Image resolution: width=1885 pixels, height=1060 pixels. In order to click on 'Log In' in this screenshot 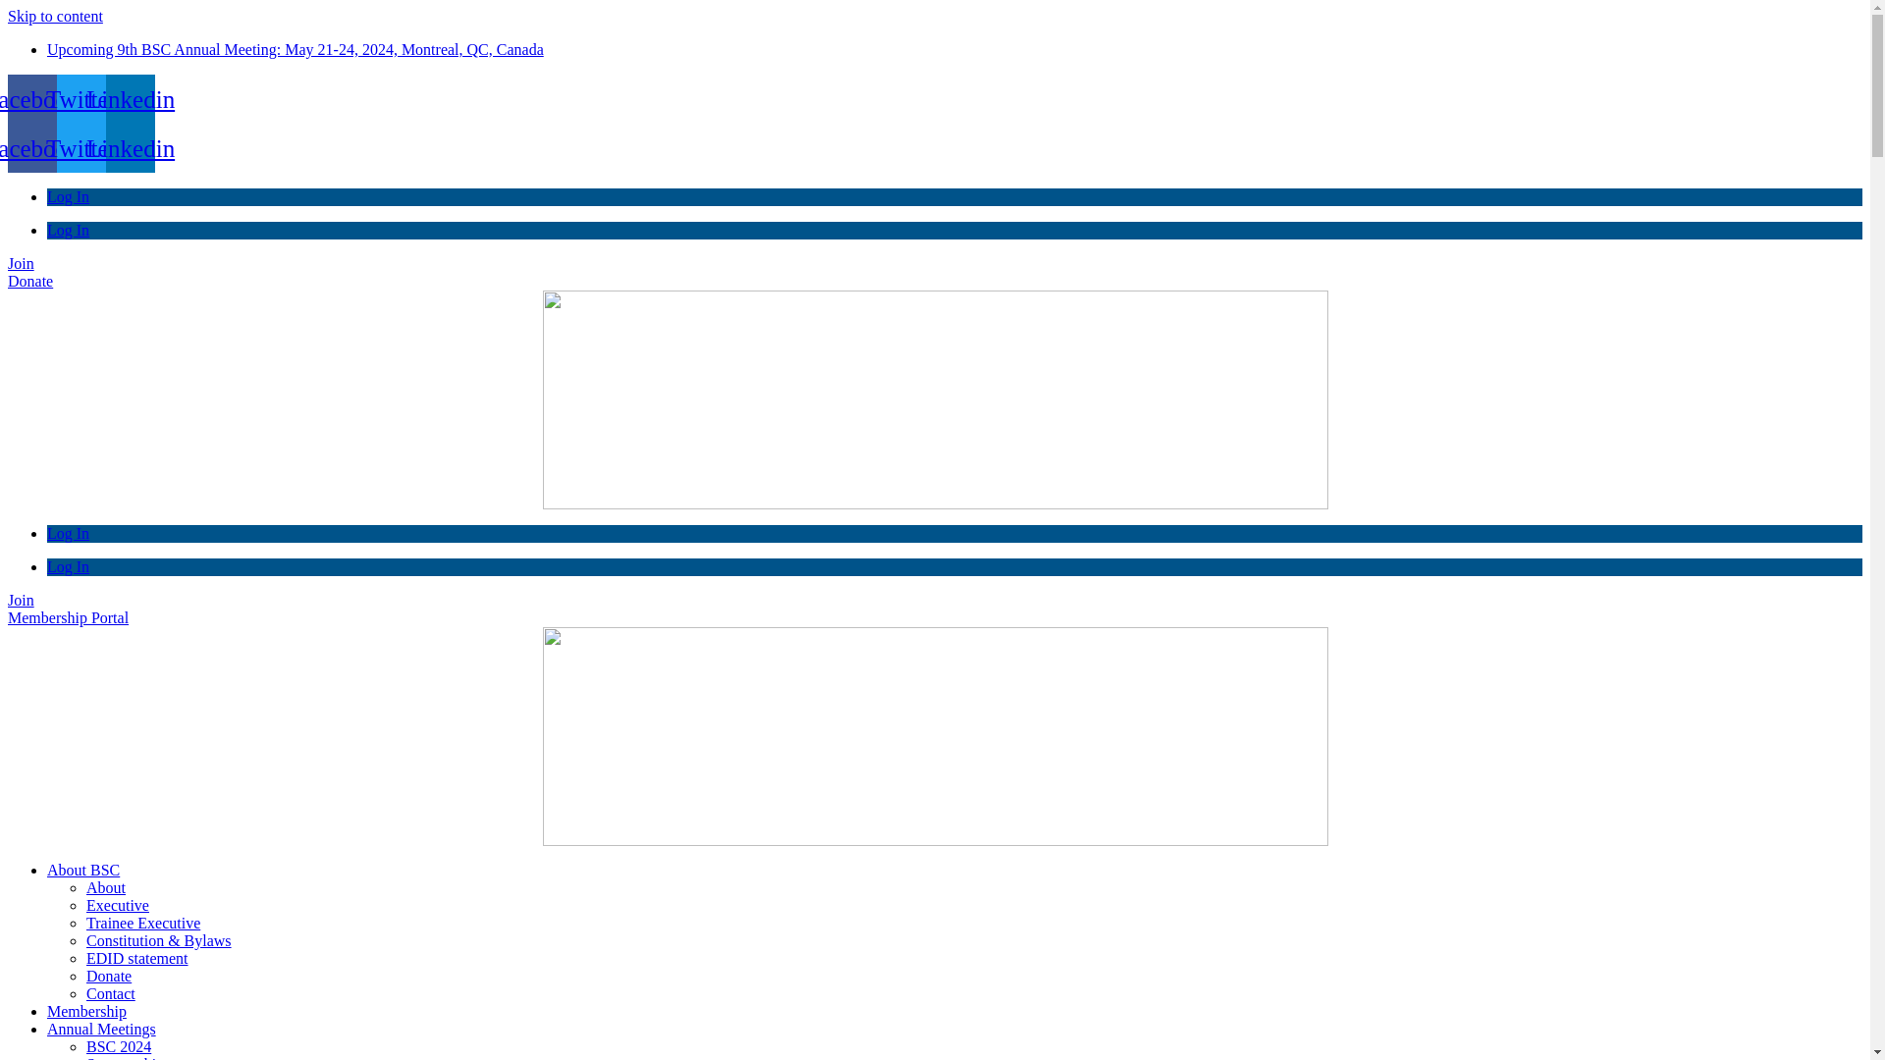, I will do `click(68, 229)`.